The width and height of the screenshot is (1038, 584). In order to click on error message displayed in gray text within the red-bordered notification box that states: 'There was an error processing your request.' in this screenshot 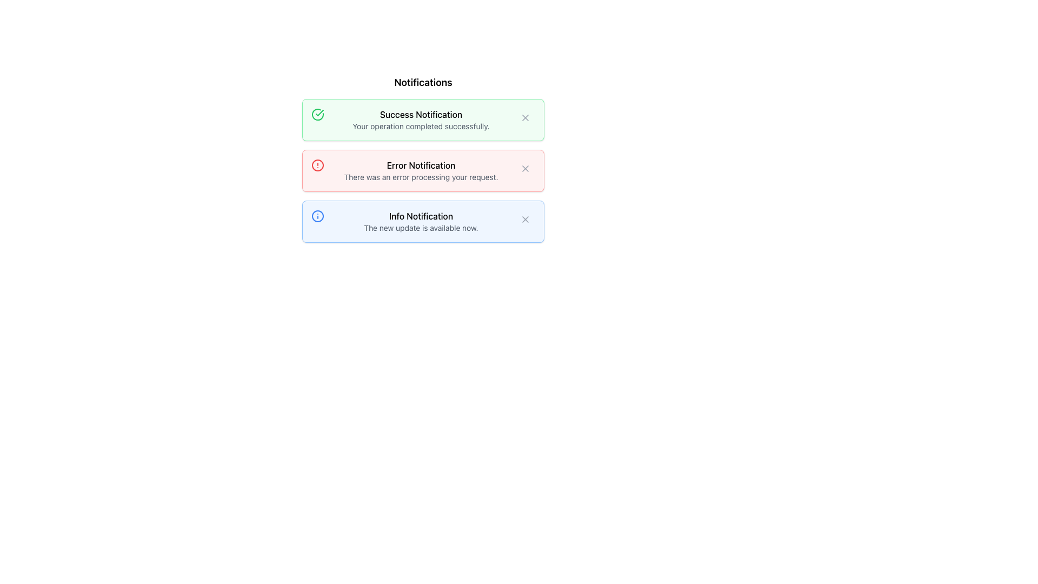, I will do `click(420, 176)`.